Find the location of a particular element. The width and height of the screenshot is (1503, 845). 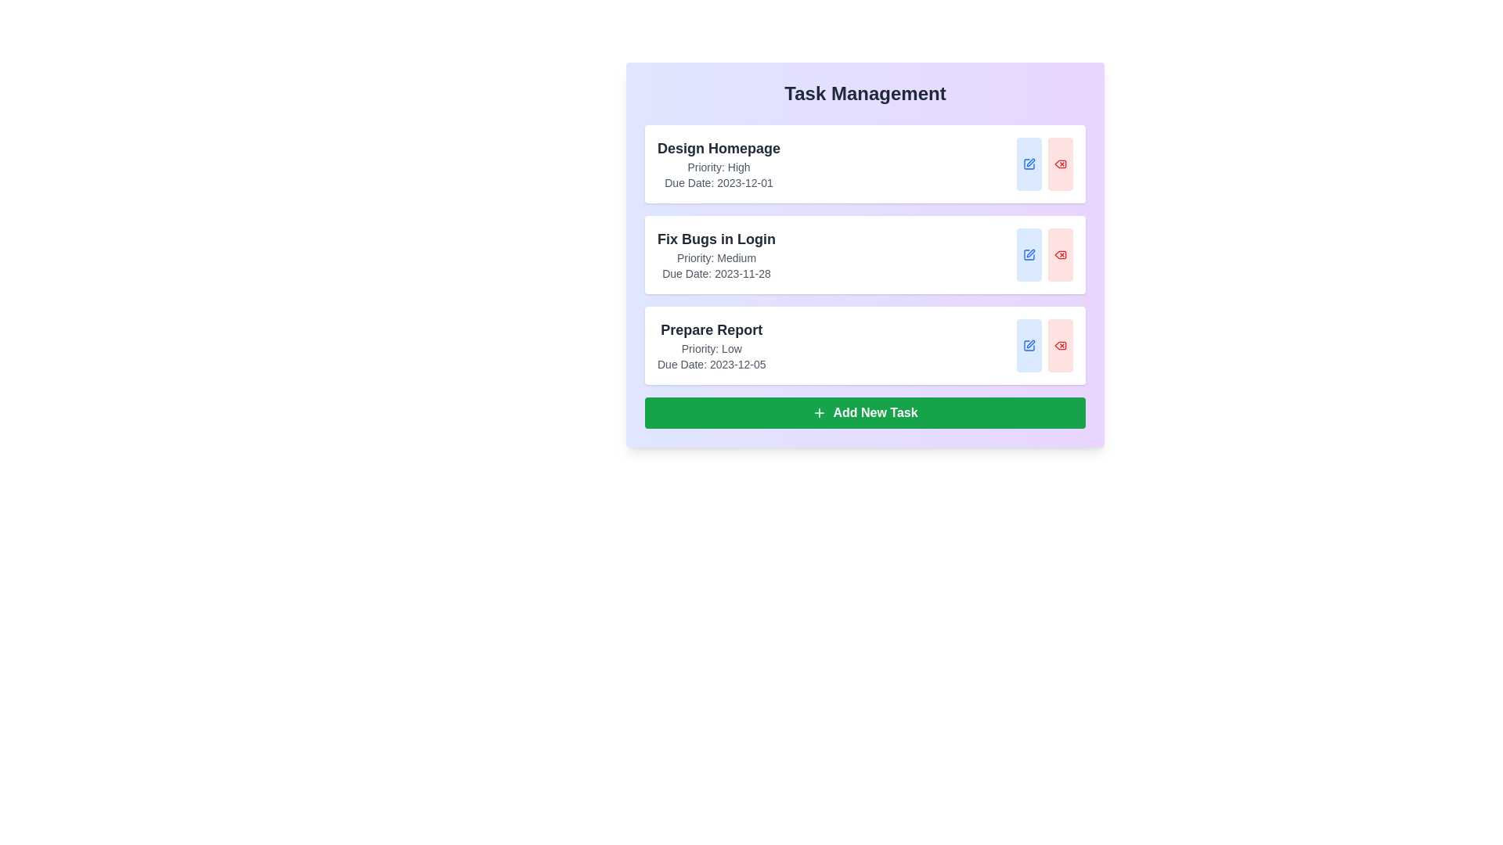

the delete button for the task titled 'Design Homepage' is located at coordinates (1060, 164).